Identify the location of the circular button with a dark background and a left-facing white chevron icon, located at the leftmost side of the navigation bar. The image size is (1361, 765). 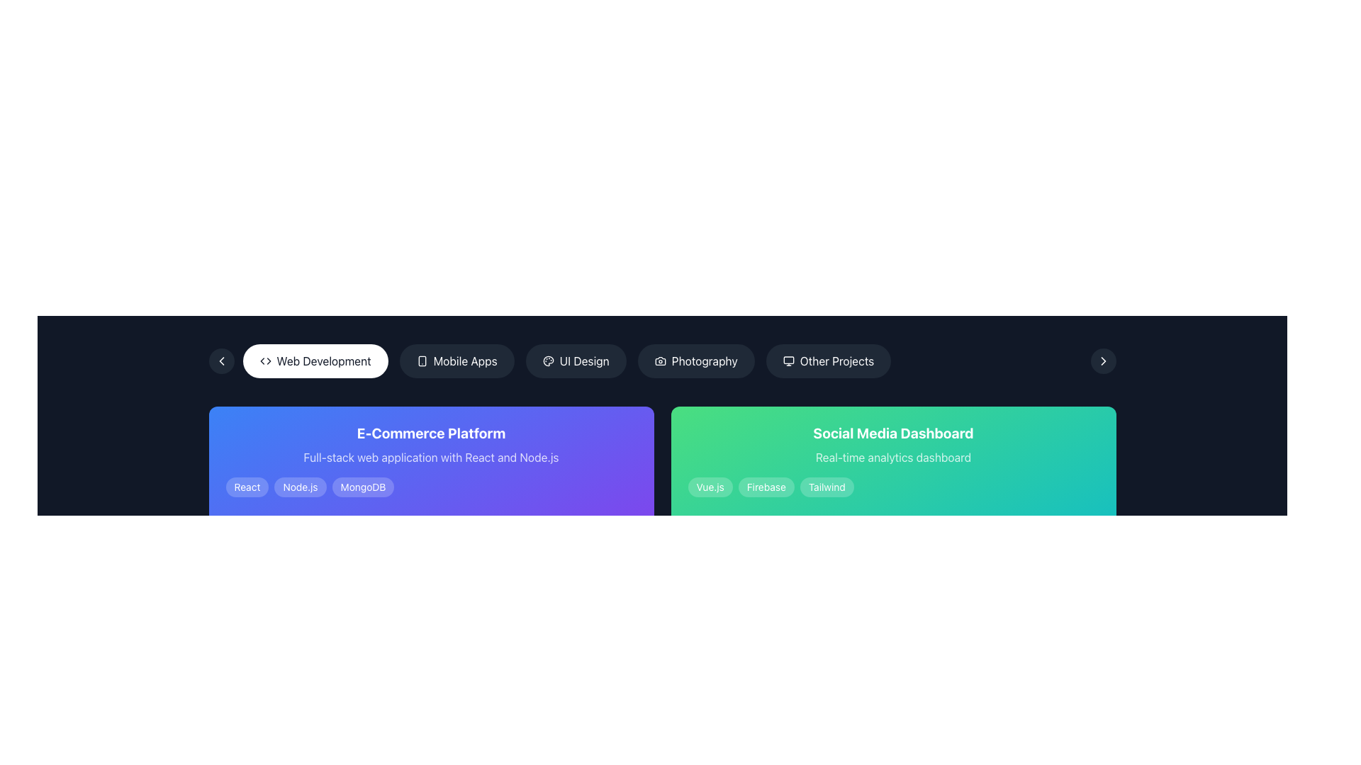
(220, 360).